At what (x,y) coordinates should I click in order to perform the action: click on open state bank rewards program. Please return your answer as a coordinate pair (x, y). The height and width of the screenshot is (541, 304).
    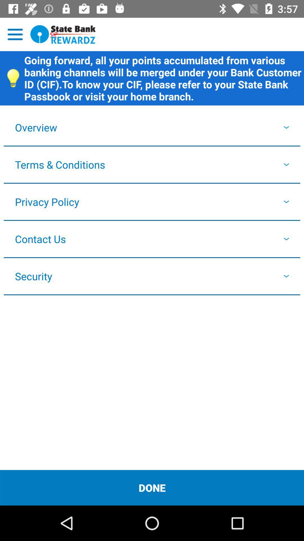
    Looking at the image, I should click on (63, 34).